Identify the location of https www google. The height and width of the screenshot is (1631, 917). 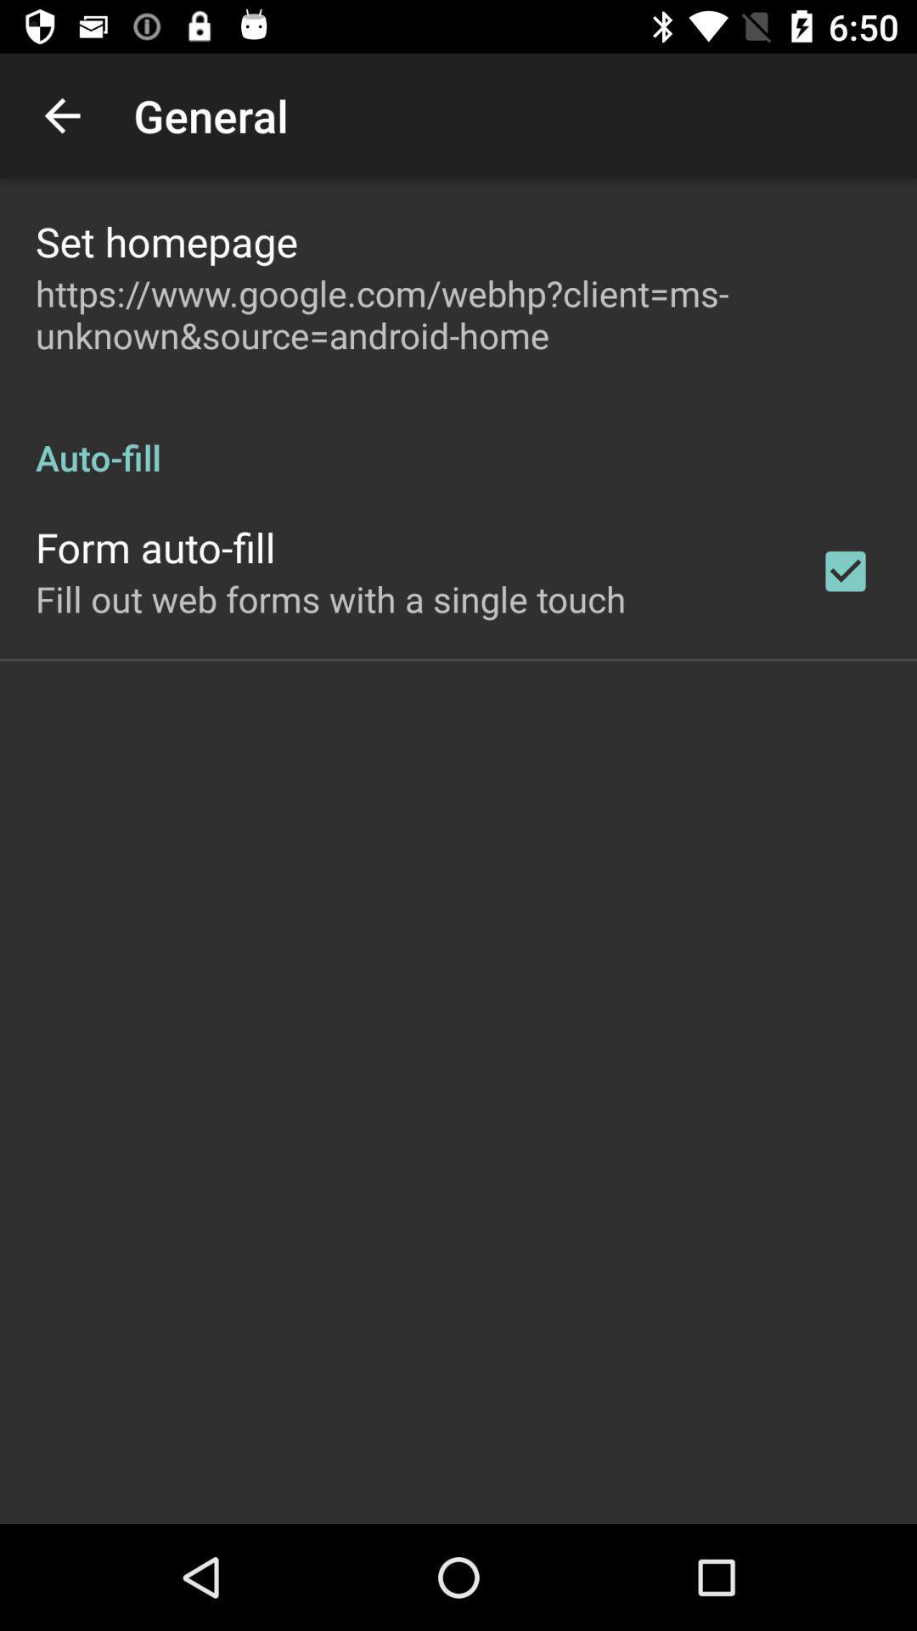
(458, 313).